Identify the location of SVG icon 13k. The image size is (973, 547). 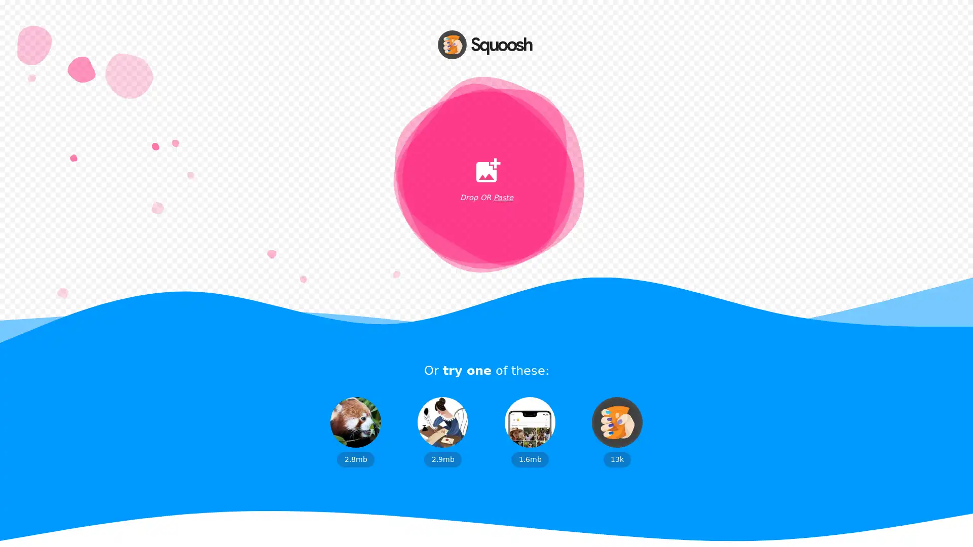
(617, 432).